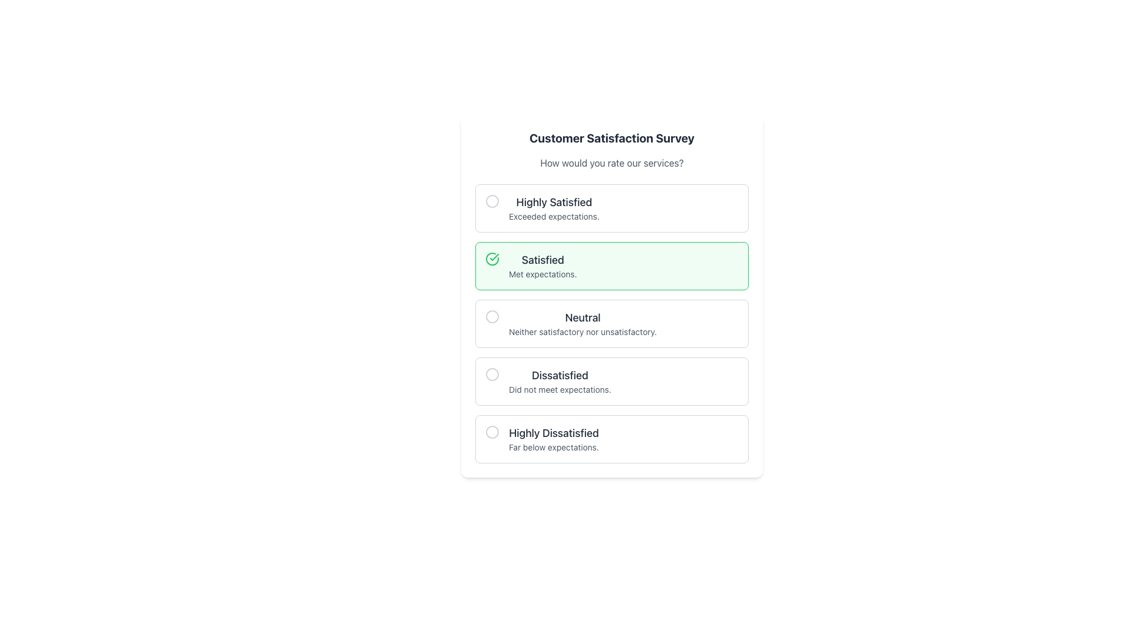 The height and width of the screenshot is (636, 1131). I want to click on the text label displaying 'Far below expectations.', which is styled in gray and positioned beneath the 'Highly Dissatisfied' label, so click(553, 447).